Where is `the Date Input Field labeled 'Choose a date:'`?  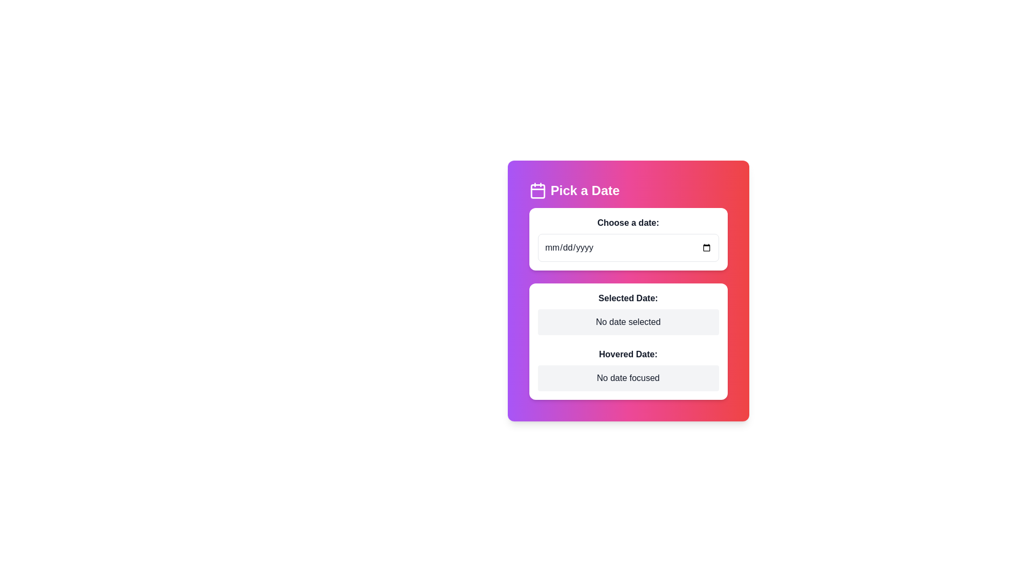 the Date Input Field labeled 'Choose a date:' is located at coordinates (628, 238).